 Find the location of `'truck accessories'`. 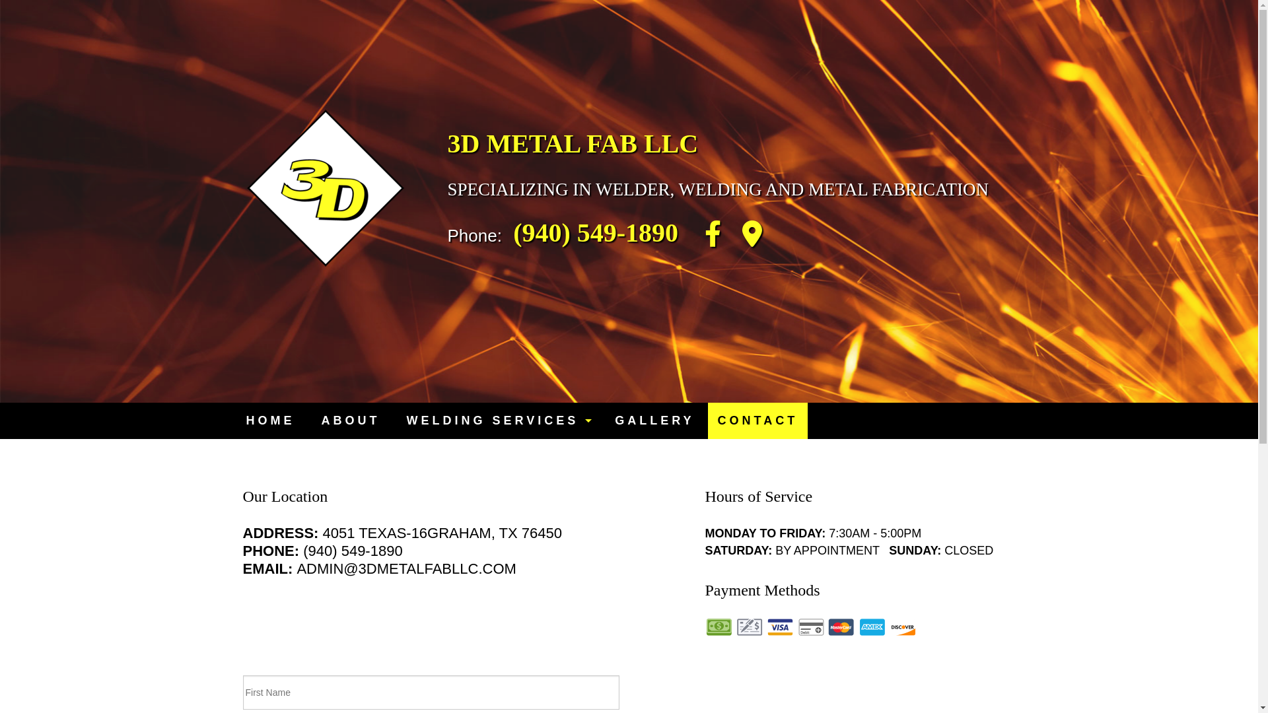

'truck accessories' is located at coordinates (392, 531).